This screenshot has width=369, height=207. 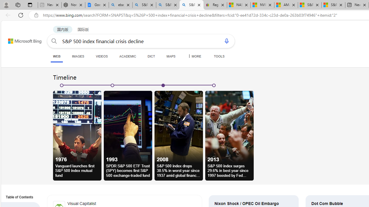 What do you see at coordinates (120, 5) in the screenshot?
I see `'ebay - Search'` at bounding box center [120, 5].